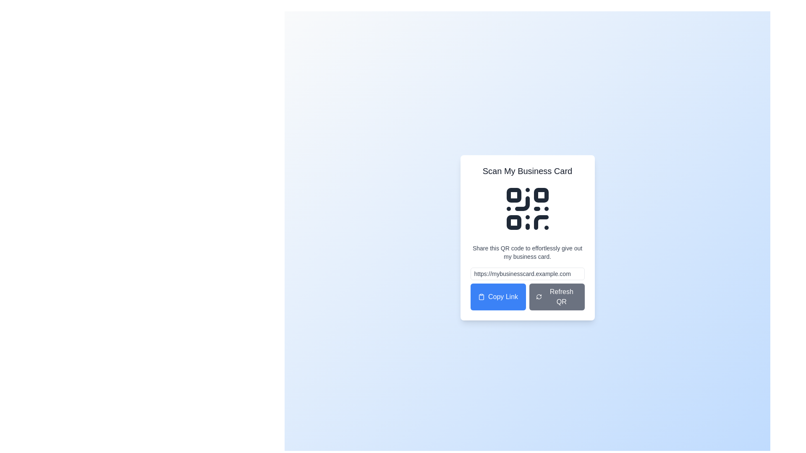 The height and width of the screenshot is (453, 806). Describe the element at coordinates (527, 208) in the screenshot. I see `the QR code graphic located centrally in the card layout, positioned below the title 'Scan My Business Card' and above the description 'Share this QR code to effortlessly give out my business card.'` at that location.